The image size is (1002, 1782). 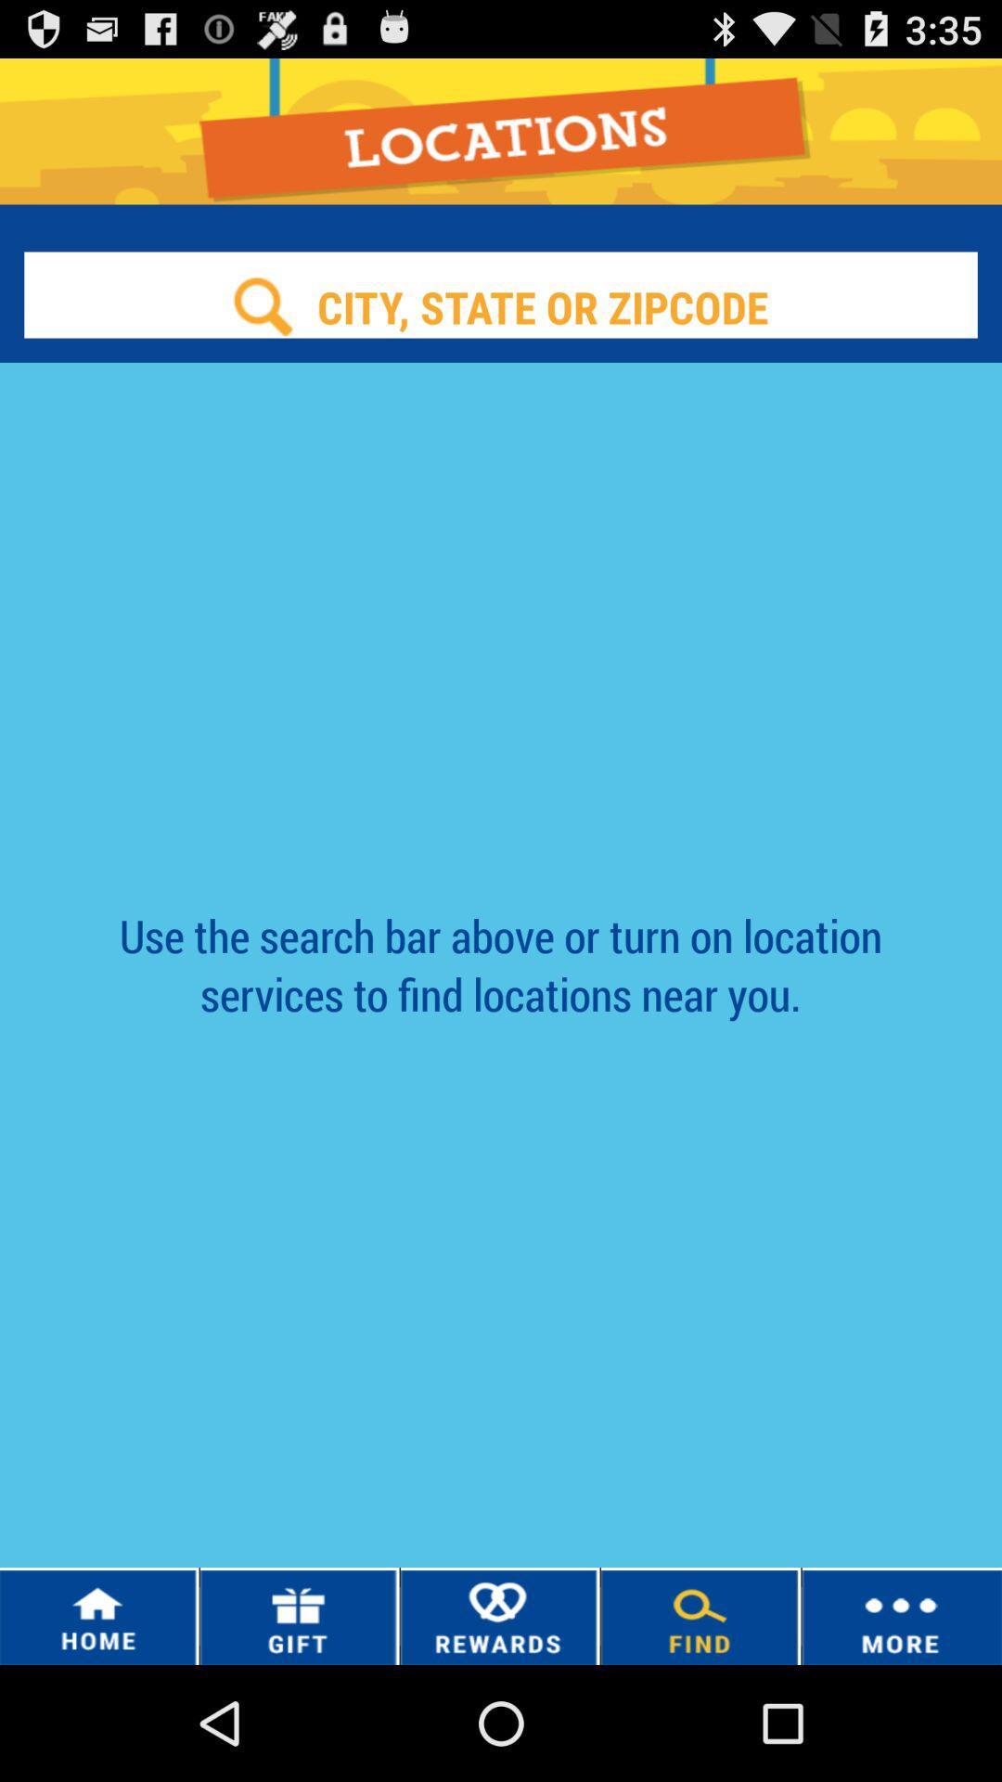 What do you see at coordinates (499, 306) in the screenshot?
I see `search location` at bounding box center [499, 306].